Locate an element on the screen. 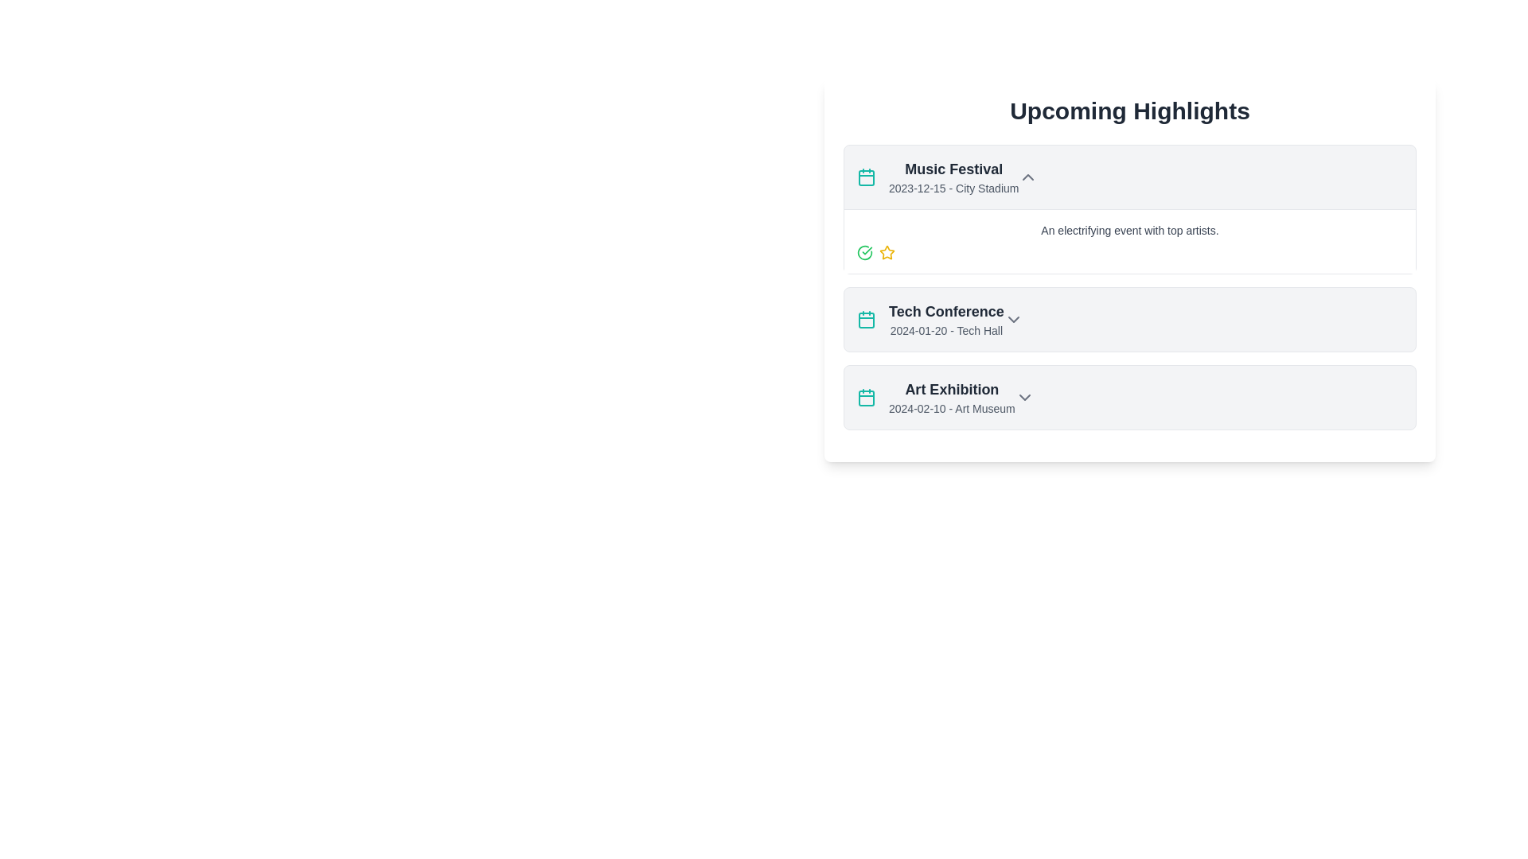 The image size is (1528, 859). the Informational List Item displaying 'Tech Conference' with a calendar icon, located in the second row of the 'Upcoming Highlights' list is located at coordinates (930, 319).